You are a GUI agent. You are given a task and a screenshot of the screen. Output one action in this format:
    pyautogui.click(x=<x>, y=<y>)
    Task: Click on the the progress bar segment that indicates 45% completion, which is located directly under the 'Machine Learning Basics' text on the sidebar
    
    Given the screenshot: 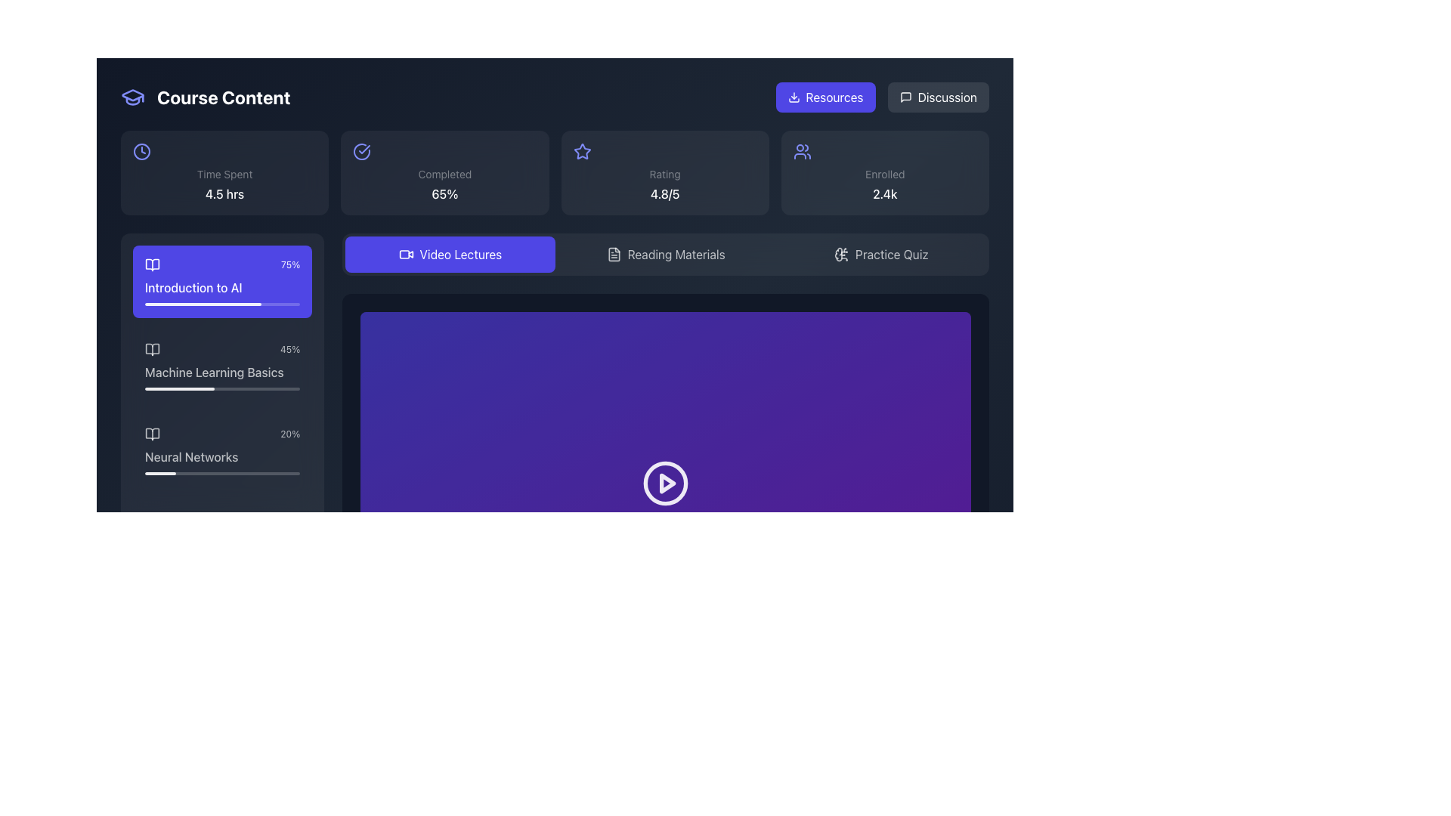 What is the action you would take?
    pyautogui.click(x=180, y=388)
    